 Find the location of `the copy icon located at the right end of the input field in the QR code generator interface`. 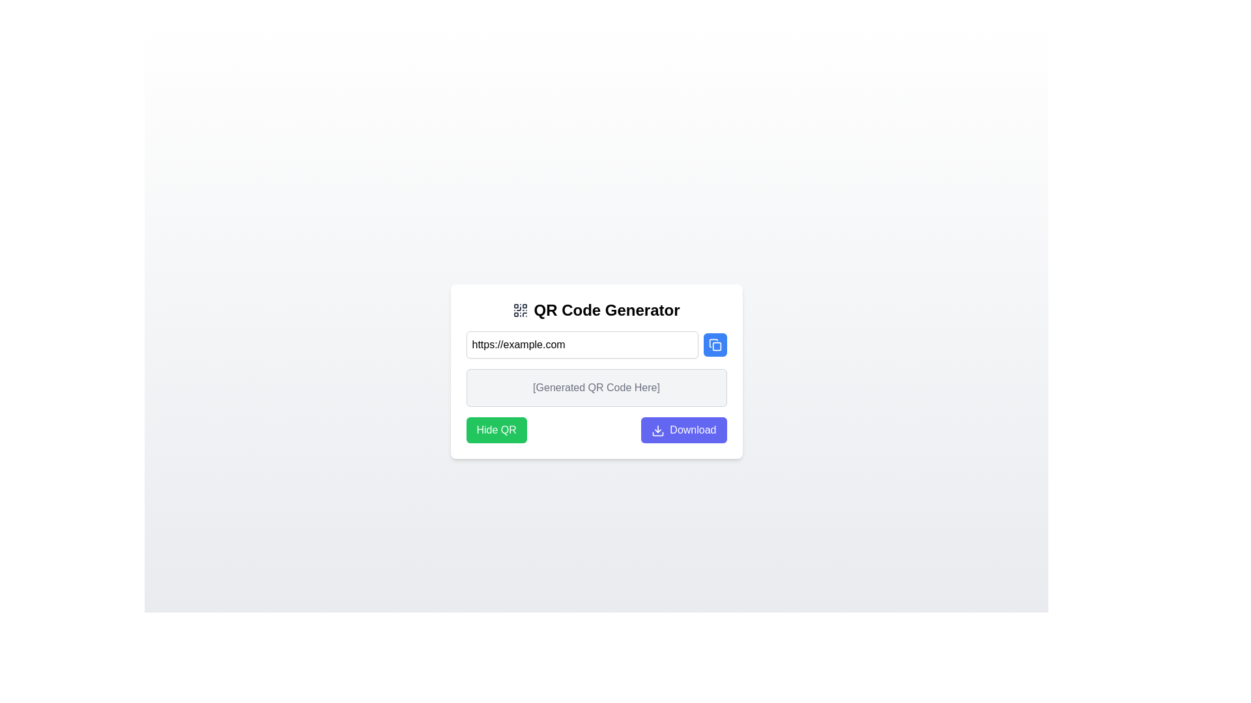

the copy icon located at the right end of the input field in the QR code generator interface is located at coordinates (714, 344).